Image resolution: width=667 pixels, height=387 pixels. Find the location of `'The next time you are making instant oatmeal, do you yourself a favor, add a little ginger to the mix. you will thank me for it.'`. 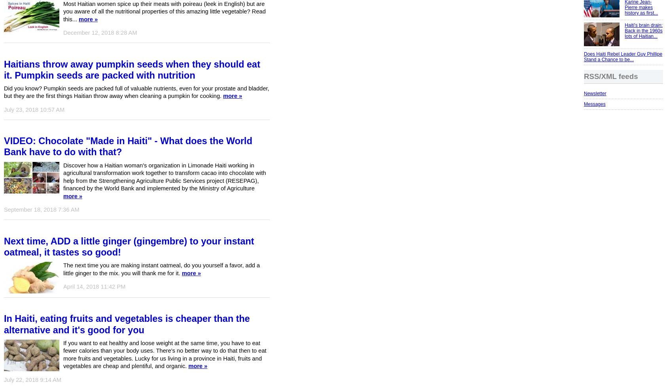

'The next time you are making instant oatmeal, do you yourself a favor, add a little ginger to the mix. you will thank me for it.' is located at coordinates (161, 269).